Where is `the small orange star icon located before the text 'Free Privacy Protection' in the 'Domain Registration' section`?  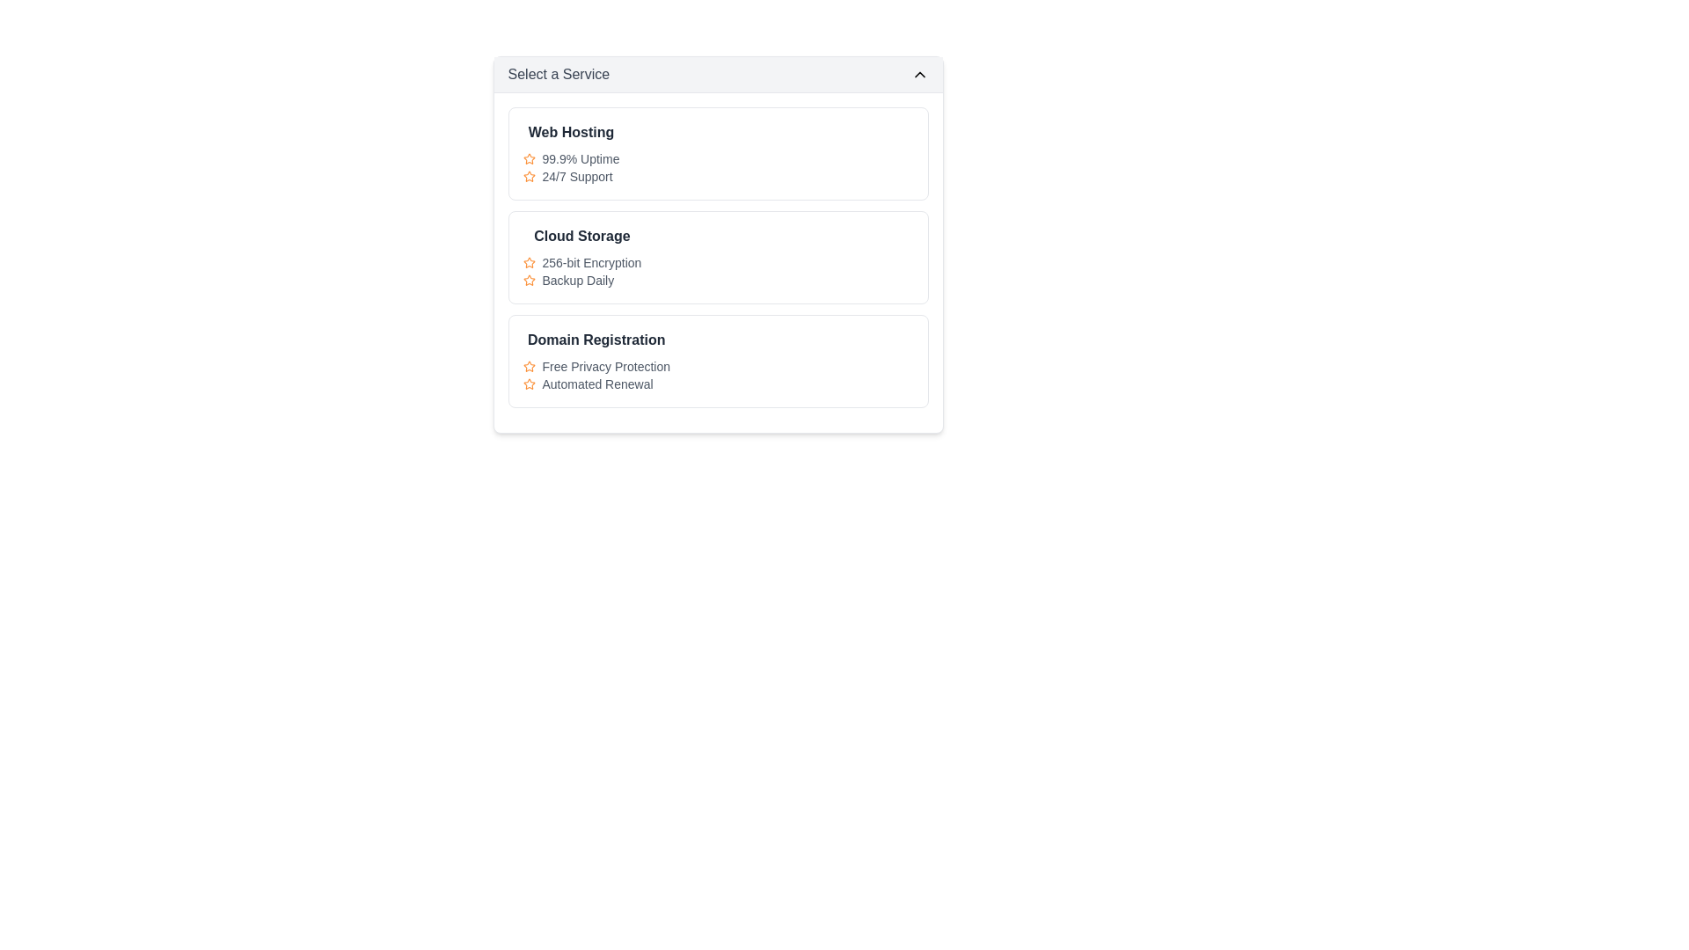 the small orange star icon located before the text 'Free Privacy Protection' in the 'Domain Registration' section is located at coordinates (528, 365).